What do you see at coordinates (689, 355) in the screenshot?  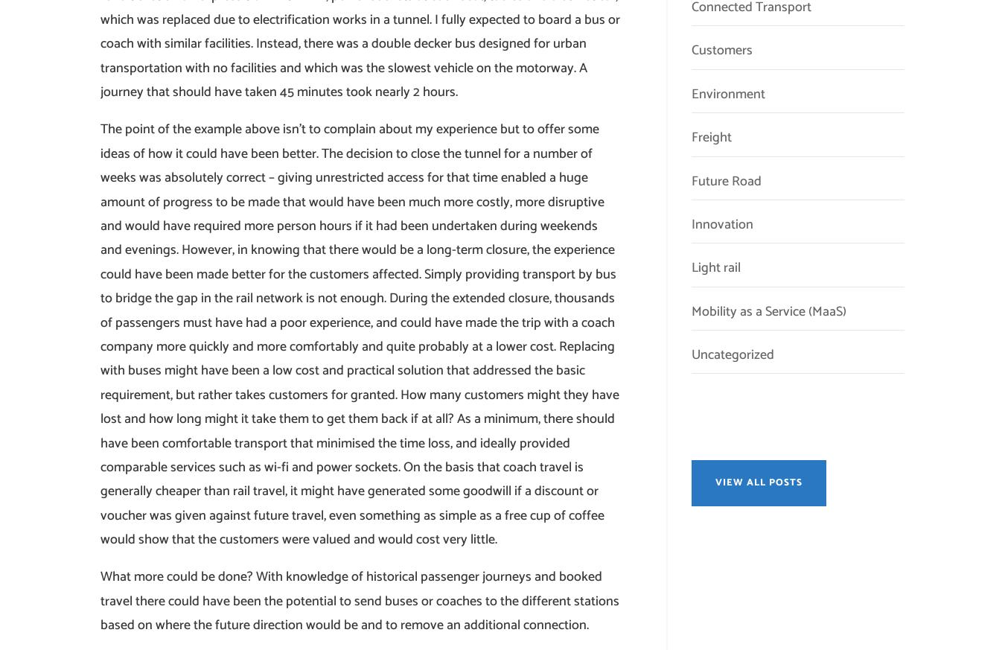 I see `'Uncategorized'` at bounding box center [689, 355].